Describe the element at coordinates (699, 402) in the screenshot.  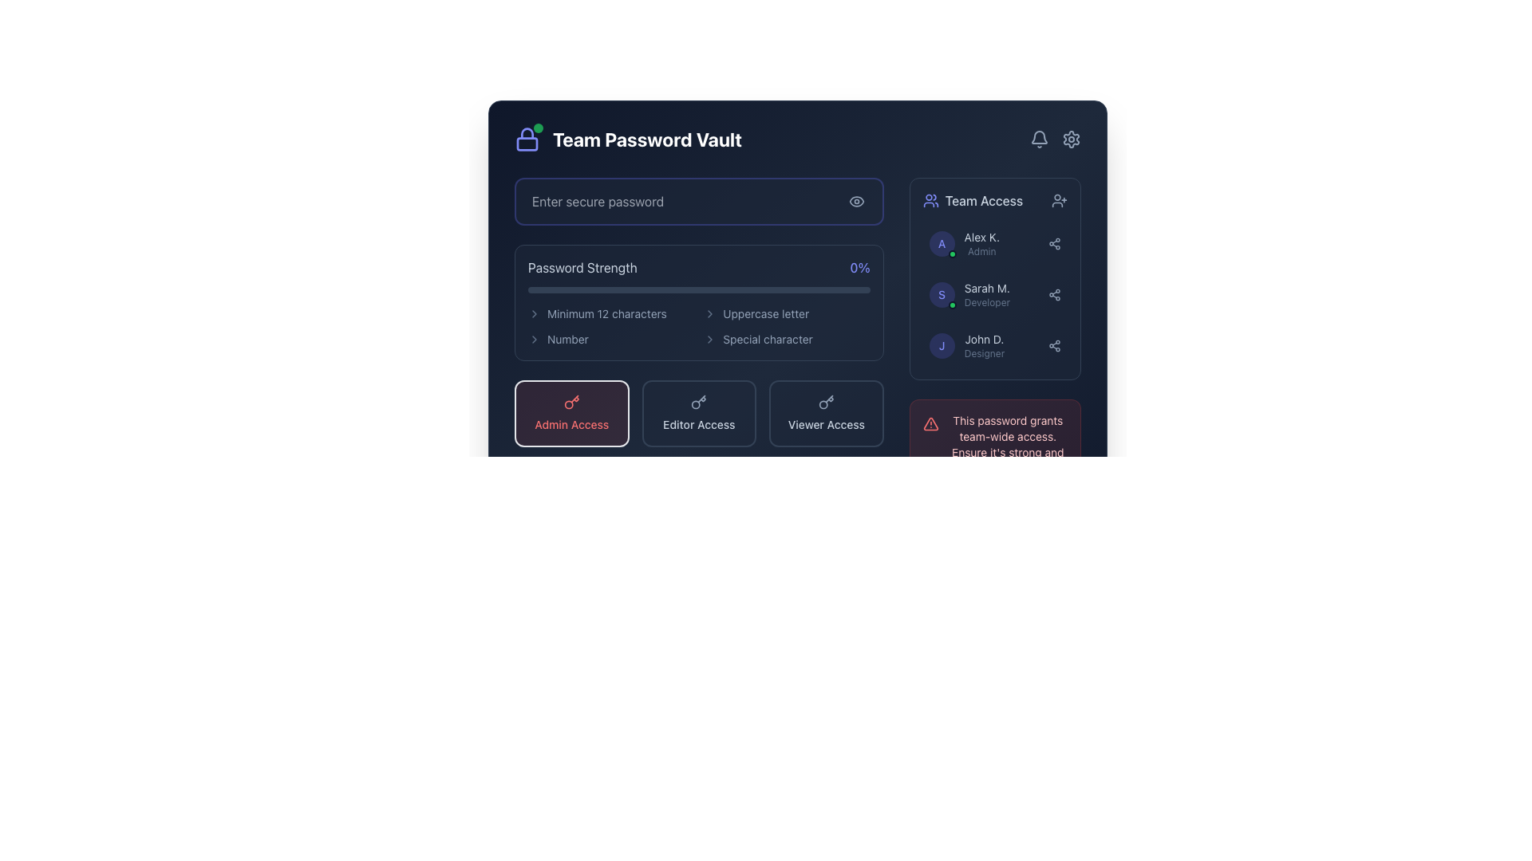
I see `the 'Editor Access' icon, which visually indicates the option for editor access and is located centrally within the 'Editor Access' button, positioned between the 'Admin Access' and 'Viewer Access' buttons` at that location.